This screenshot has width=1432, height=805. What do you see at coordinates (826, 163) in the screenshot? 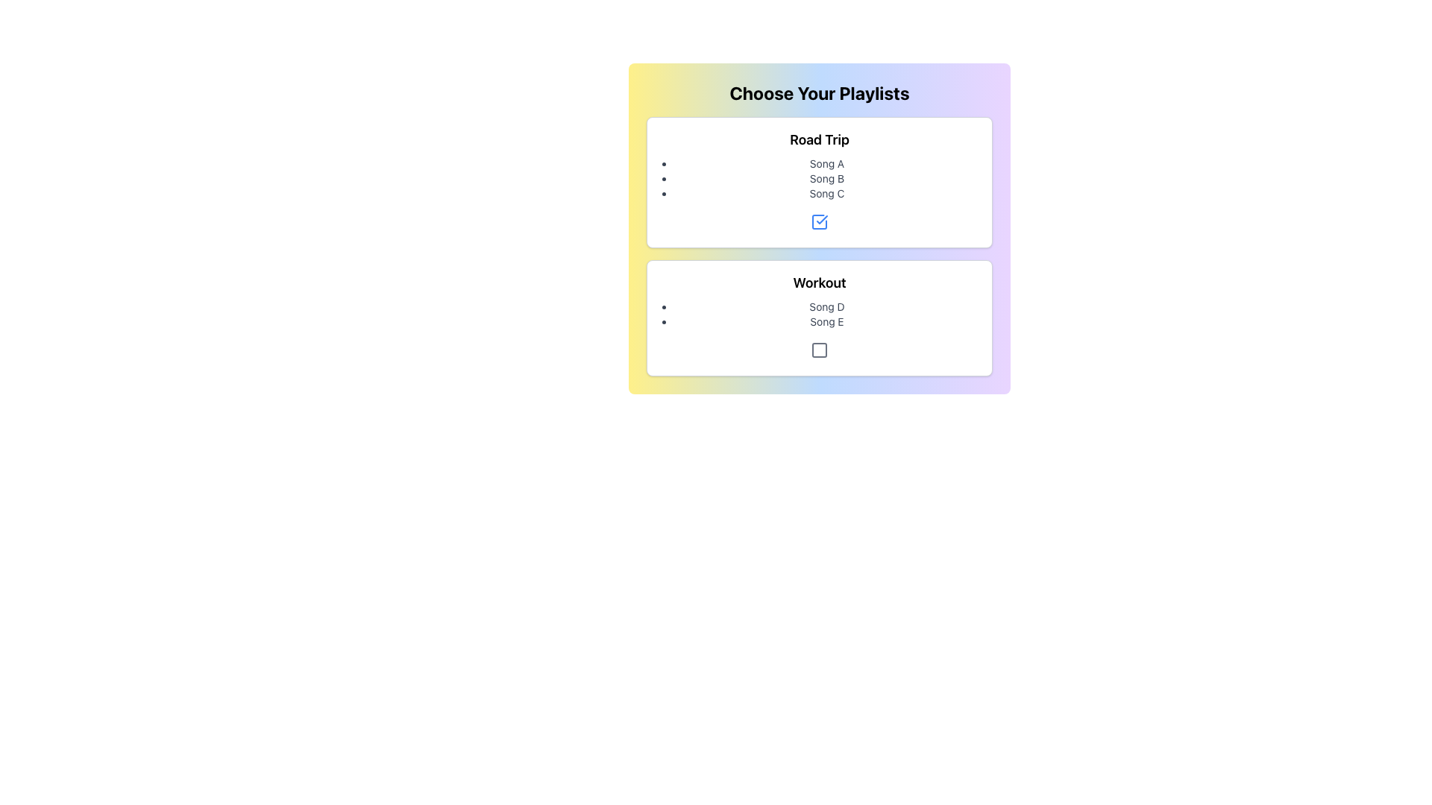
I see `the static text displaying the song name 'Song A' in the playlist under the 'Road Trip' header` at bounding box center [826, 163].